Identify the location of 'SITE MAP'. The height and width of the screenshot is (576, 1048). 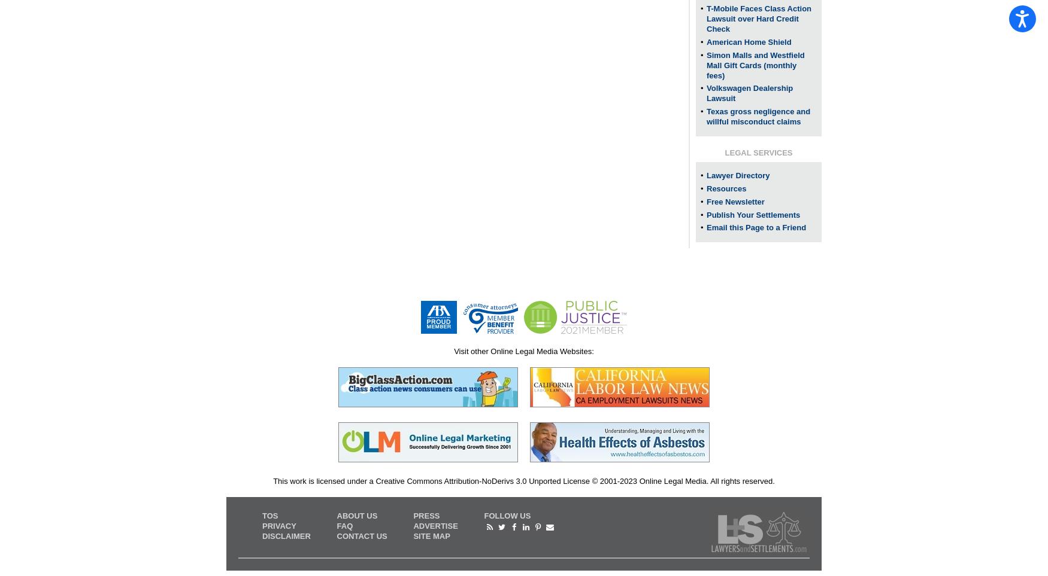
(431, 535).